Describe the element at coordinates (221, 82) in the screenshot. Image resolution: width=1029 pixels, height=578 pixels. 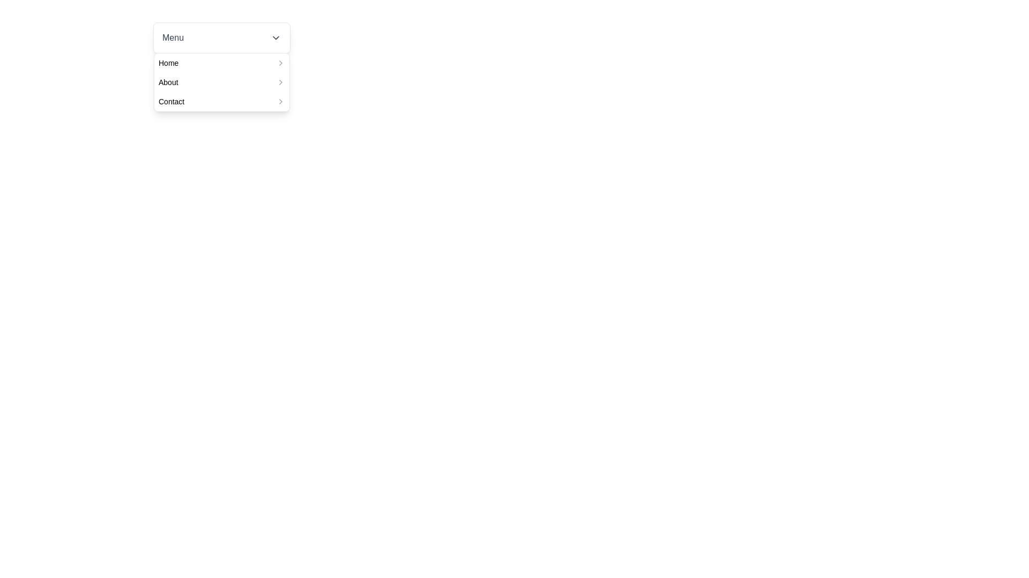
I see `the second menu item in the dropdown menu that leads to the 'About' section, located below 'Home' and above 'Contact'` at that location.